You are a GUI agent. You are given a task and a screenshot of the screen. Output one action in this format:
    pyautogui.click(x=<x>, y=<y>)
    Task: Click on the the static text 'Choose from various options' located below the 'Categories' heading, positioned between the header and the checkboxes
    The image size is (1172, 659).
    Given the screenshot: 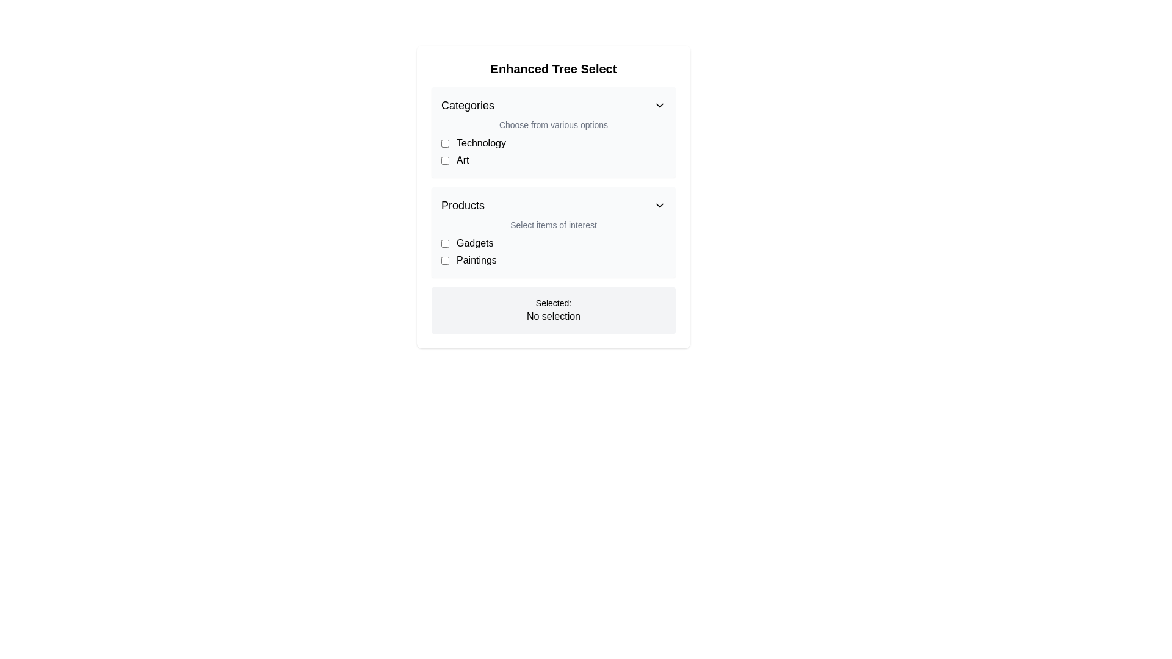 What is the action you would take?
    pyautogui.click(x=553, y=124)
    